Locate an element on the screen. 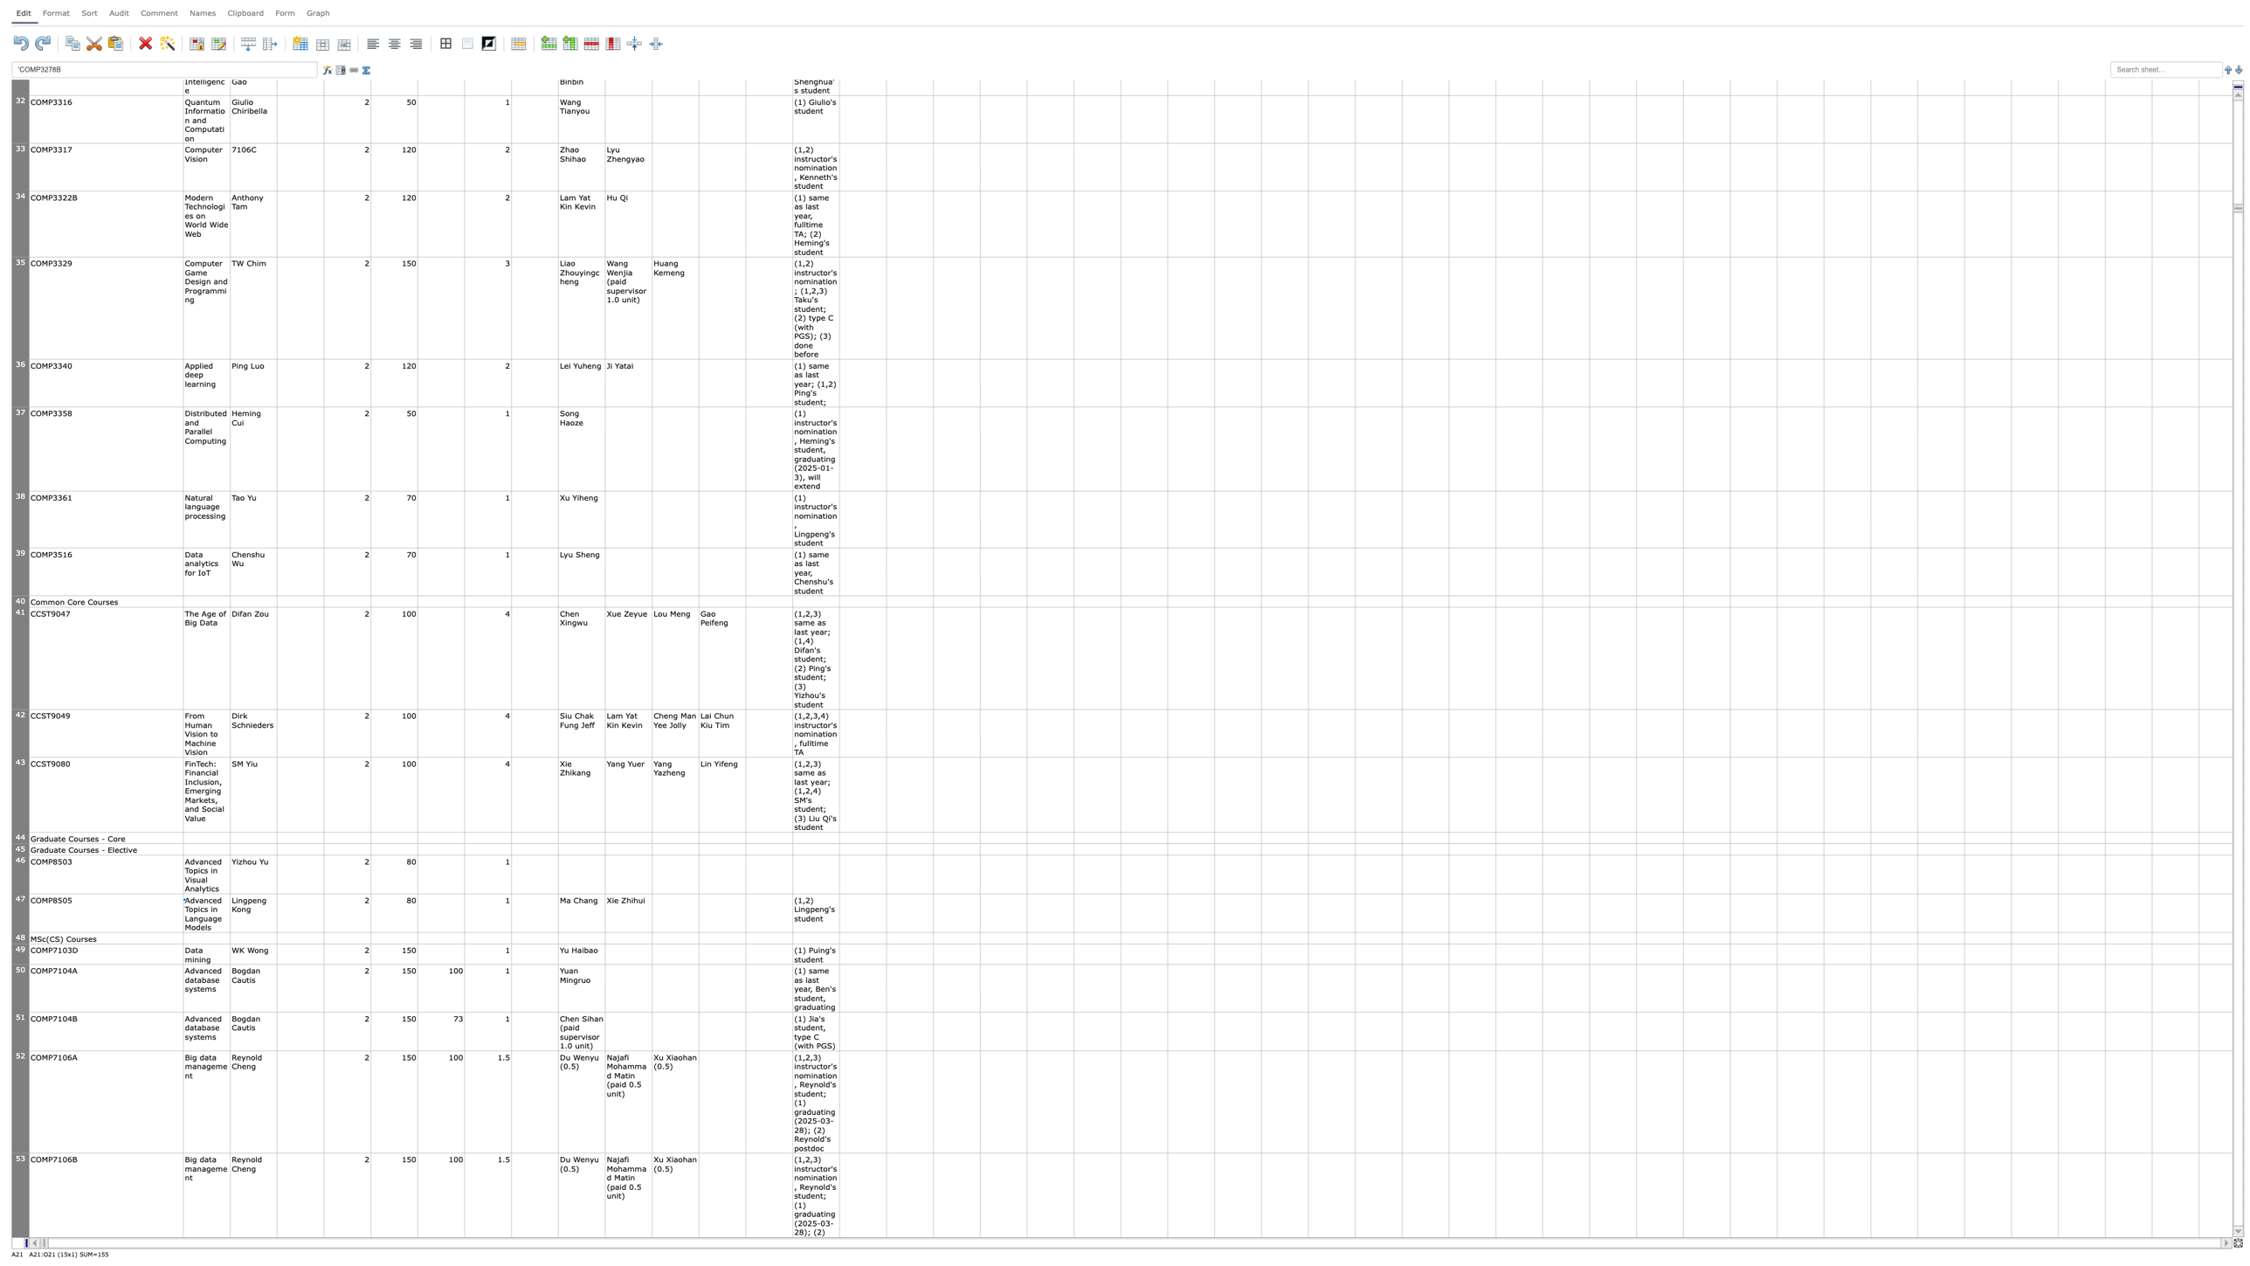  row 46 is located at coordinates (20, 874).